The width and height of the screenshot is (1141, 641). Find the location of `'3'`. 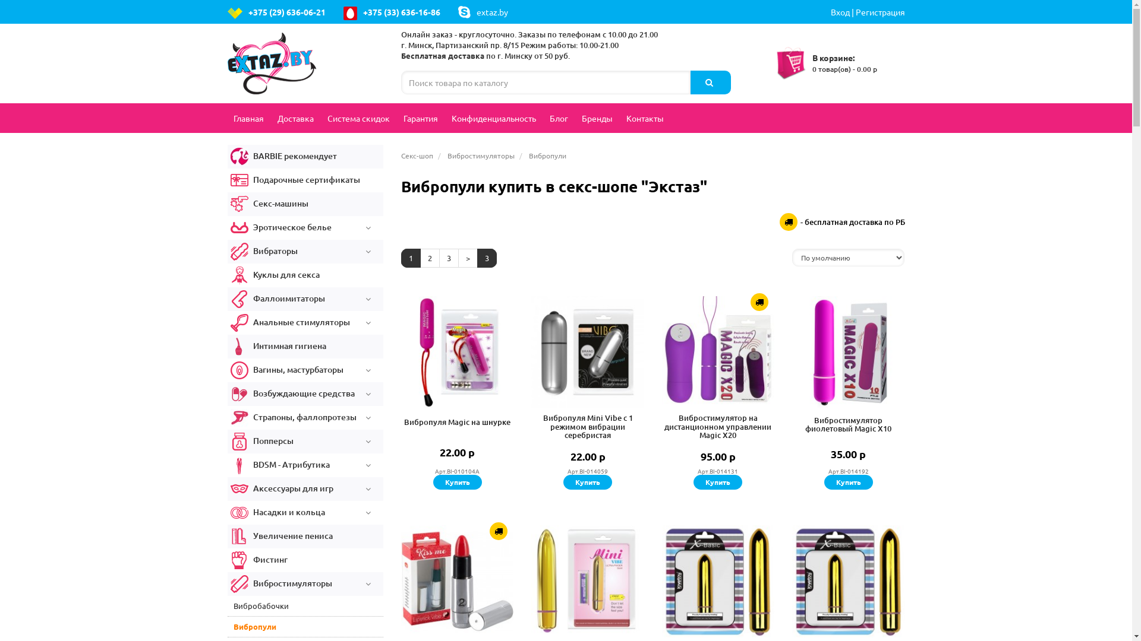

'3' is located at coordinates (487, 258).